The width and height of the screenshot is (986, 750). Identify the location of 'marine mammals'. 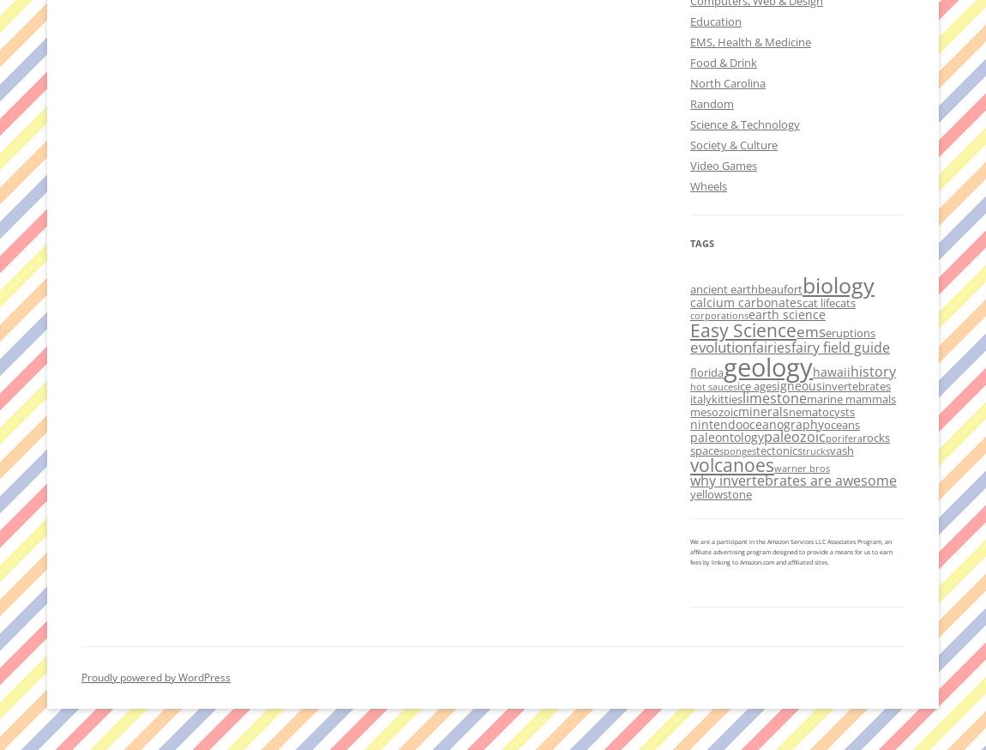
(807, 397).